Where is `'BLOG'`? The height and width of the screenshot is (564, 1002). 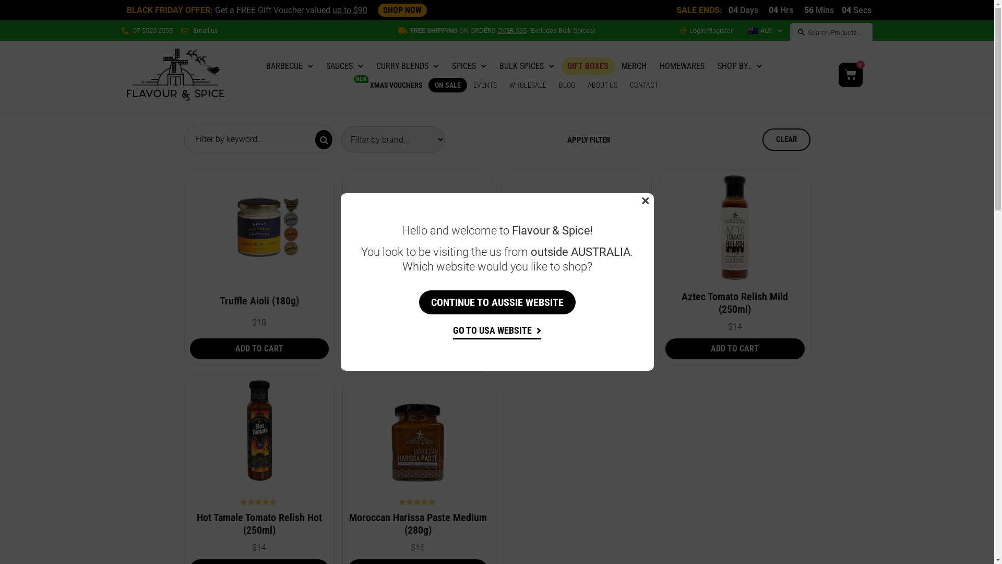 'BLOG' is located at coordinates (552, 84).